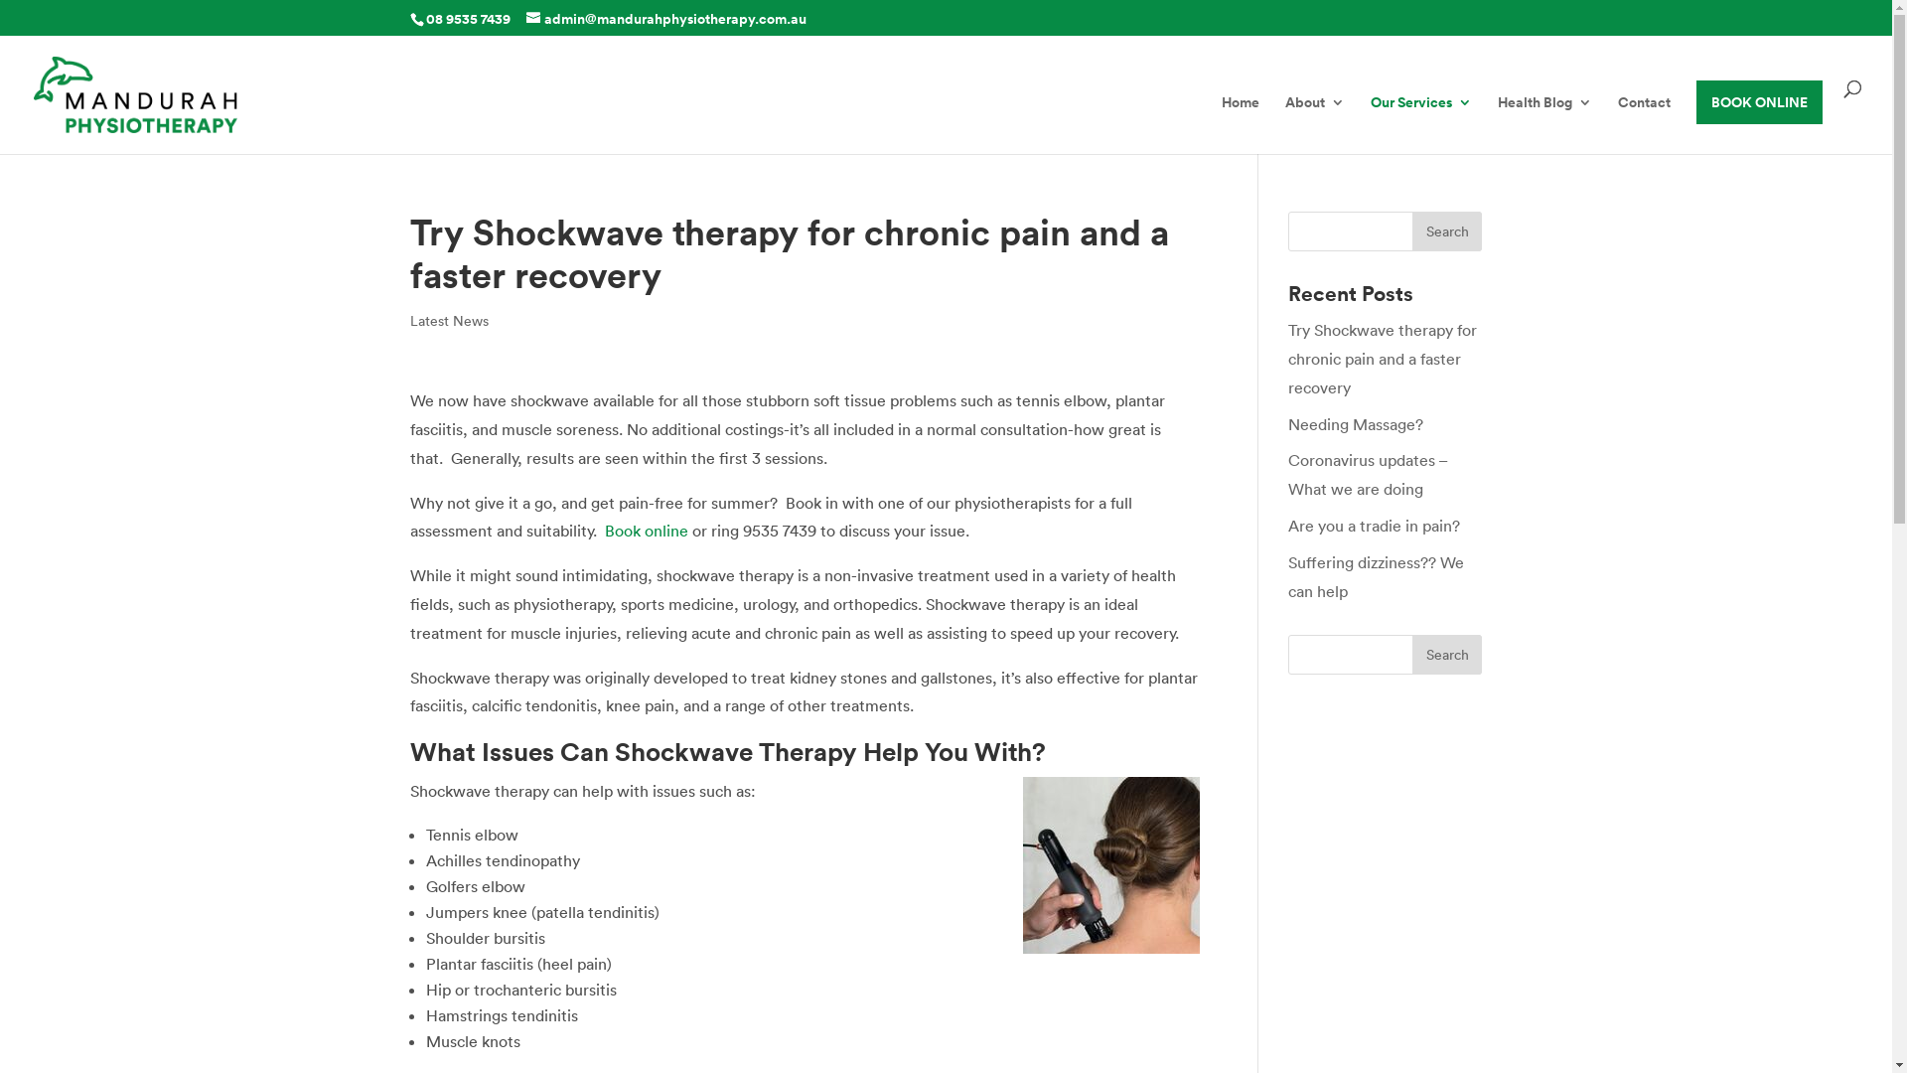 The image size is (1907, 1073). Describe the element at coordinates (1375, 576) in the screenshot. I see `'Suffering dizziness?? We can help'` at that location.